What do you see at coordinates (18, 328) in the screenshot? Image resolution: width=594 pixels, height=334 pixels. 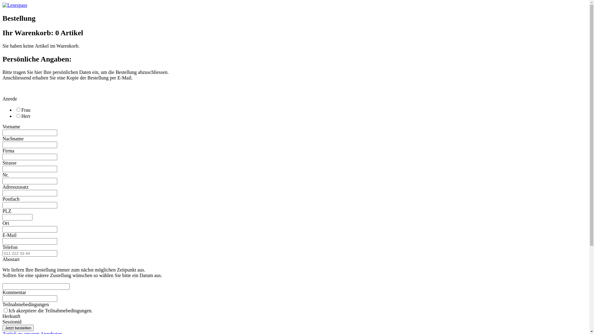 I see `'Jetzt bestellen'` at bounding box center [18, 328].